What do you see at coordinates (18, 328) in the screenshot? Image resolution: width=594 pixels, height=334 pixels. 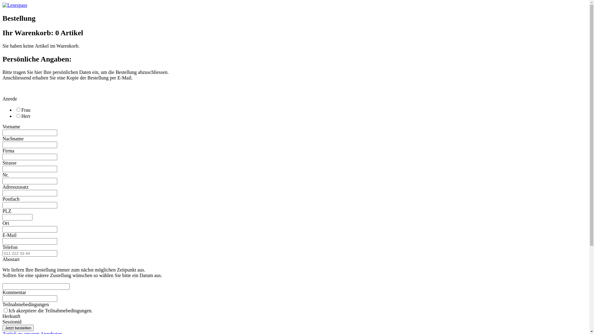 I see `'Jetzt bestellen'` at bounding box center [18, 328].